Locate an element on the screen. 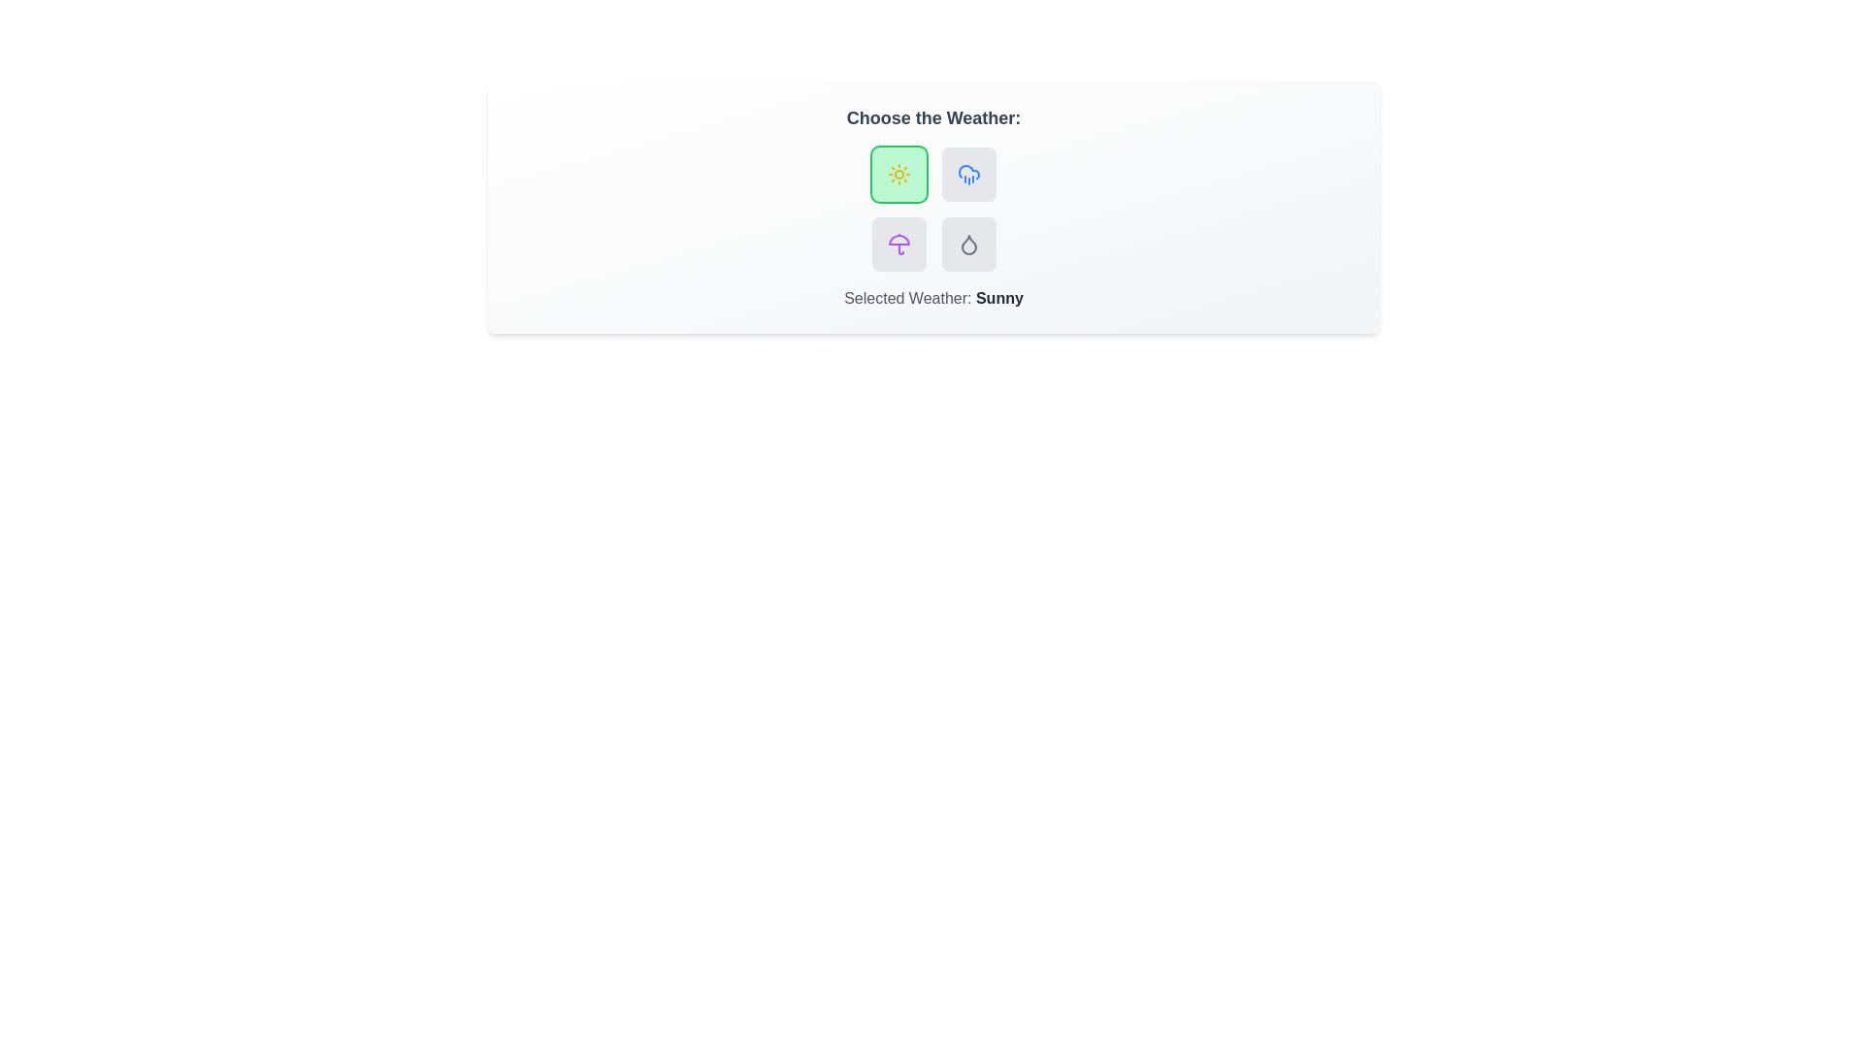  the weather option Sunny by clicking the corresponding button is located at coordinates (898, 175).